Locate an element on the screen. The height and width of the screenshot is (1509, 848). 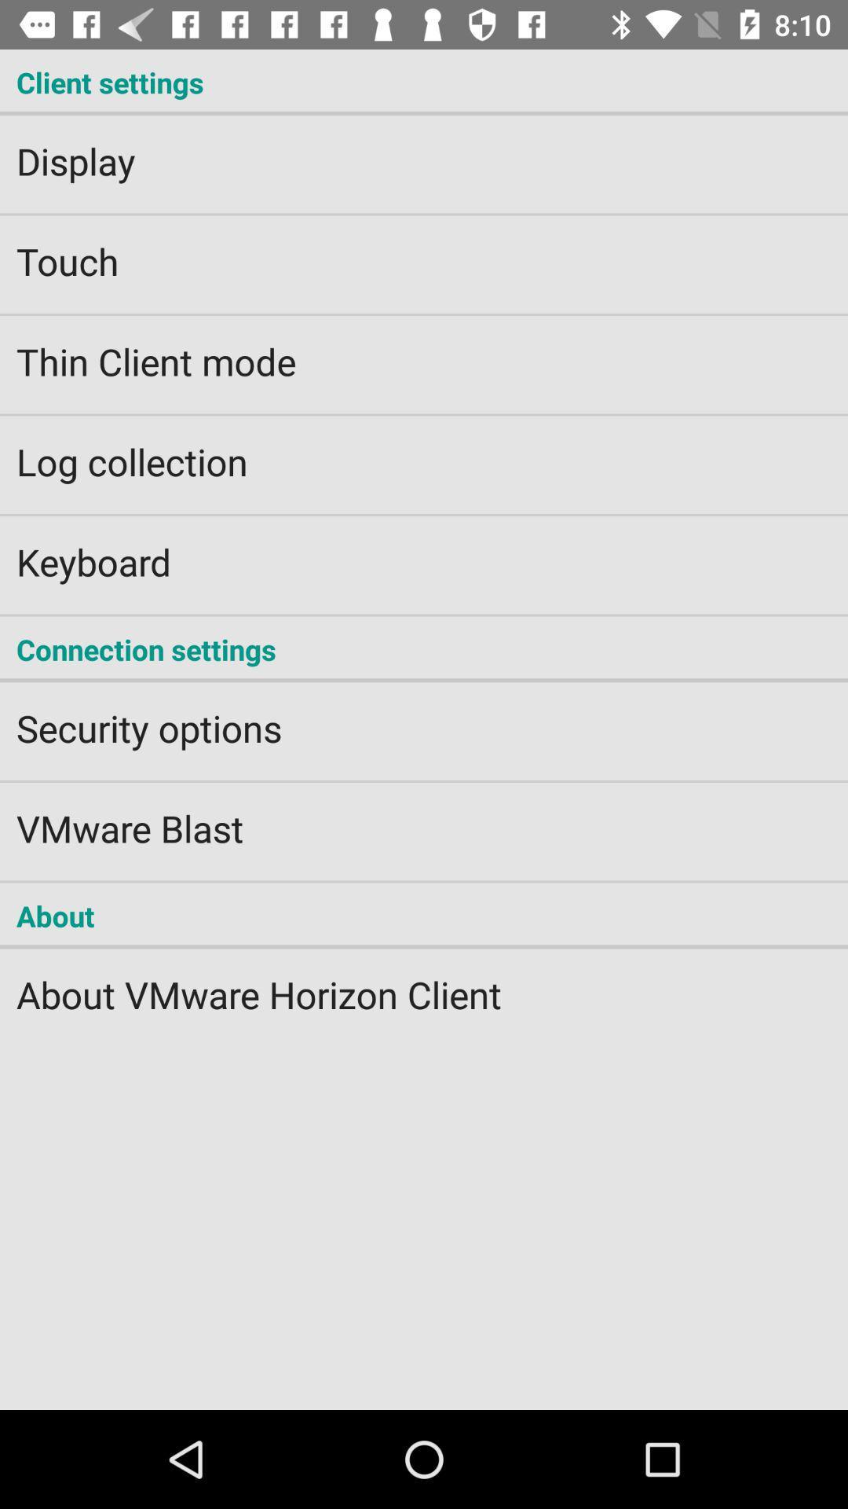
vmware blast app is located at coordinates (424, 817).